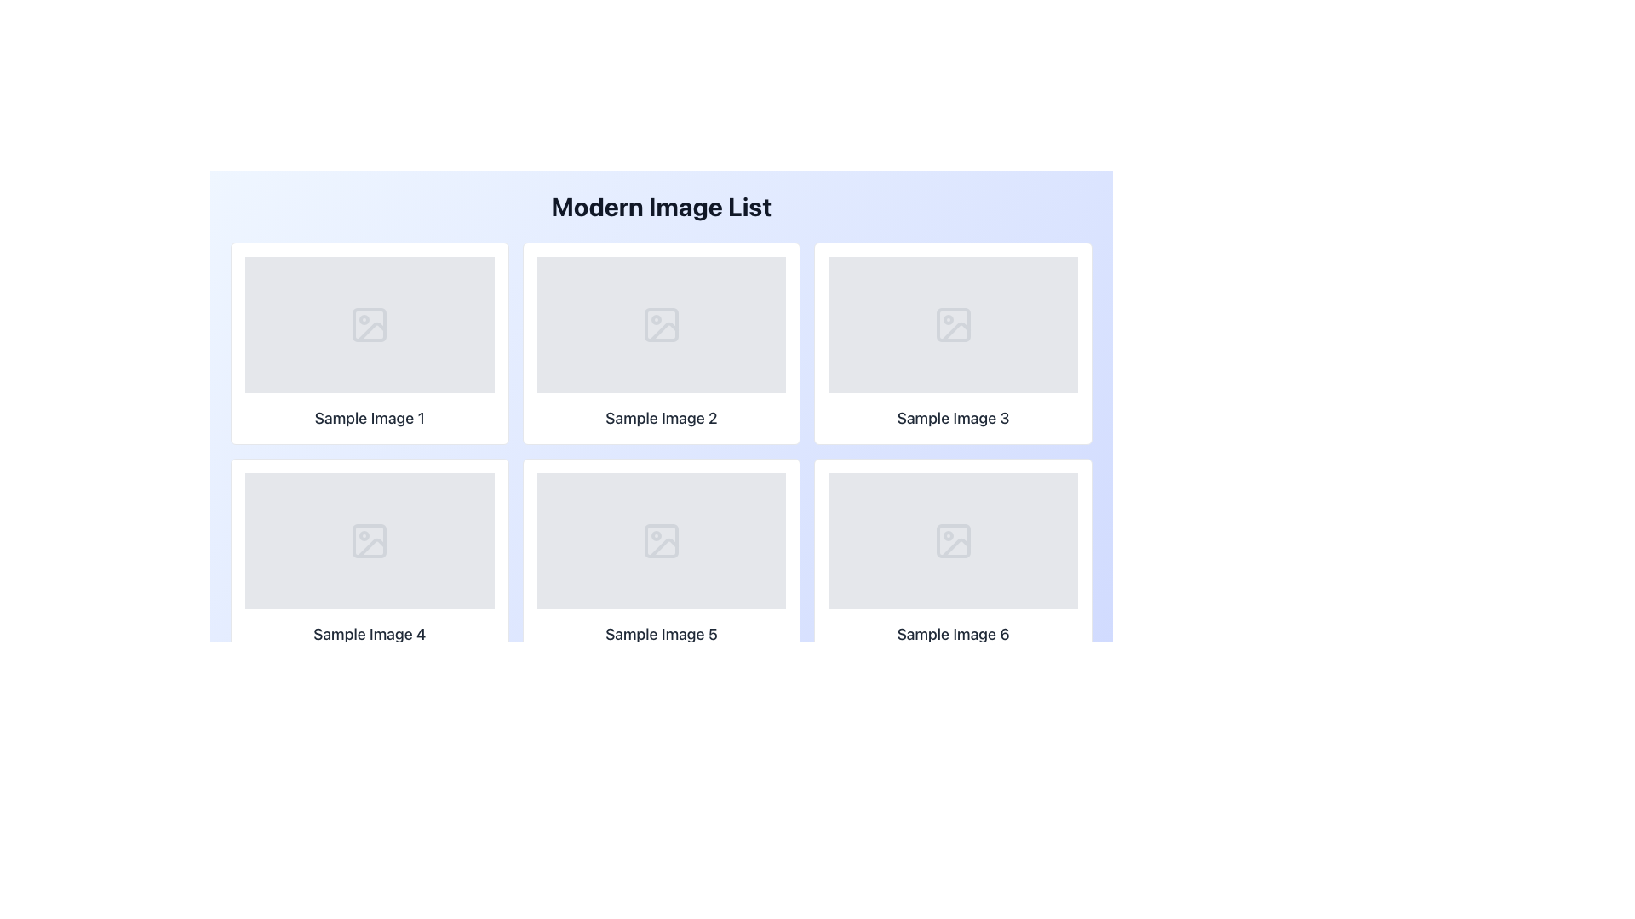  I want to click on the image placeholder in the 'Sample Image 3' card to upload or change the image, so click(952, 324).